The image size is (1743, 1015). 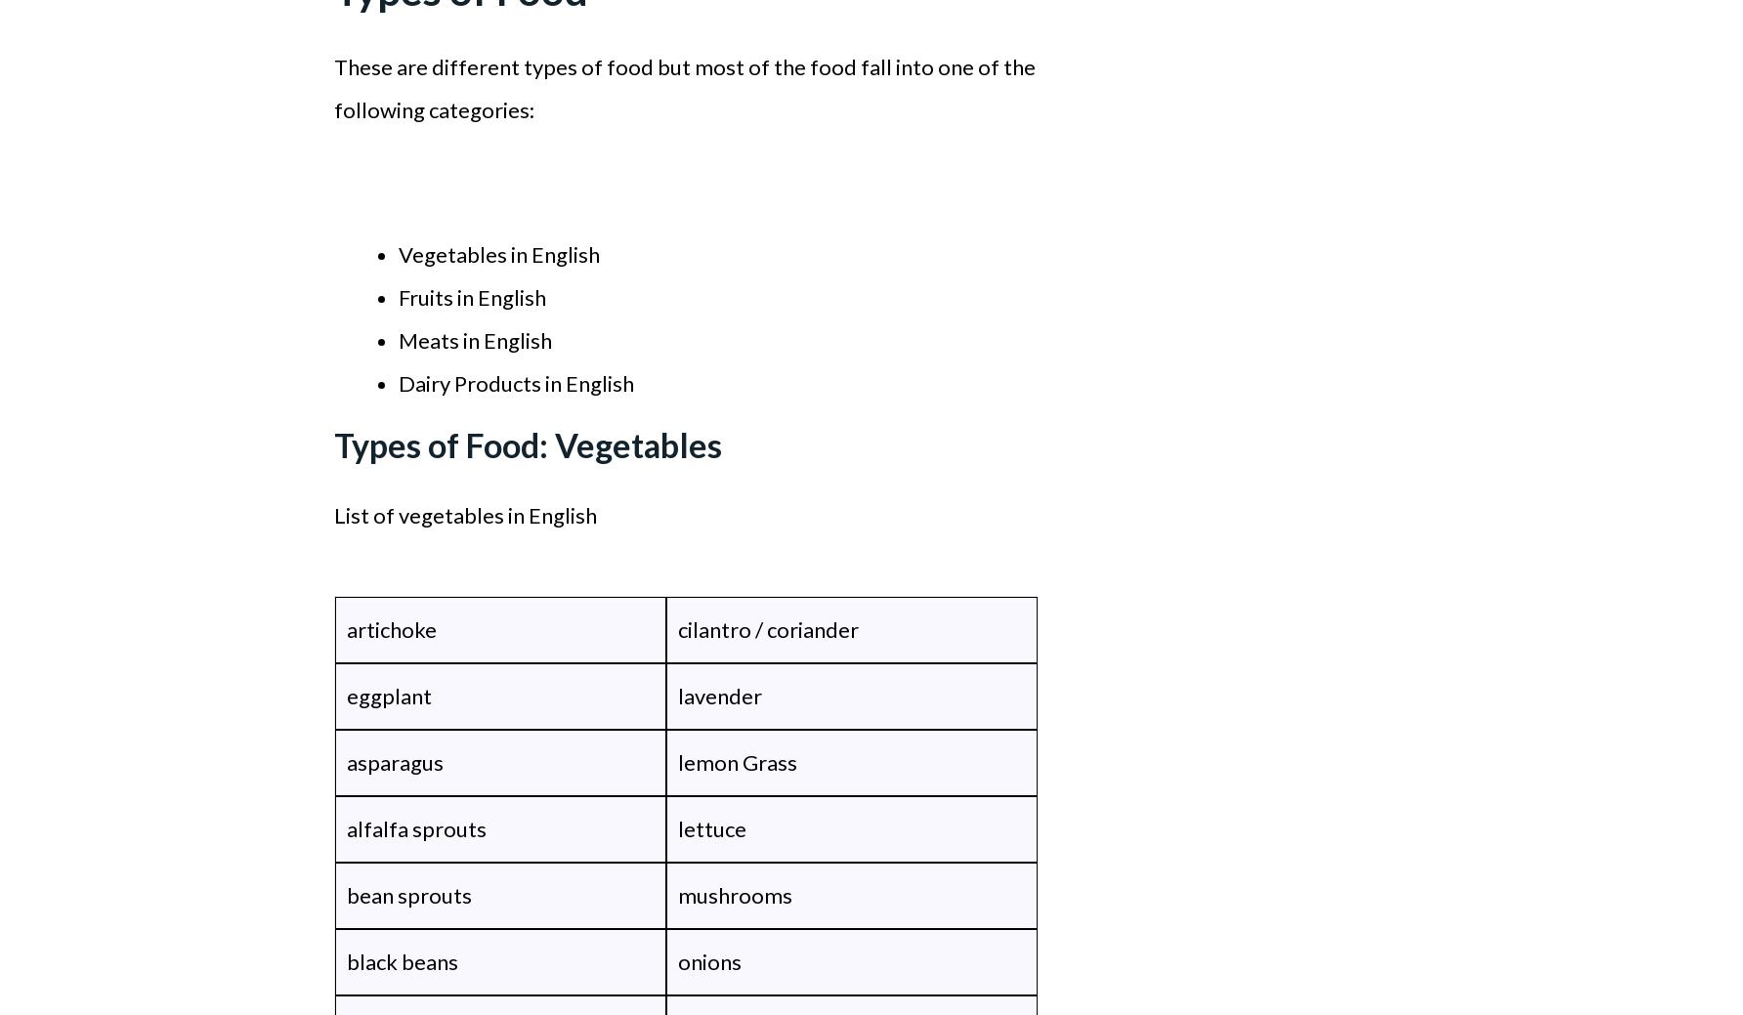 What do you see at coordinates (346, 895) in the screenshot?
I see `'bean sprouts'` at bounding box center [346, 895].